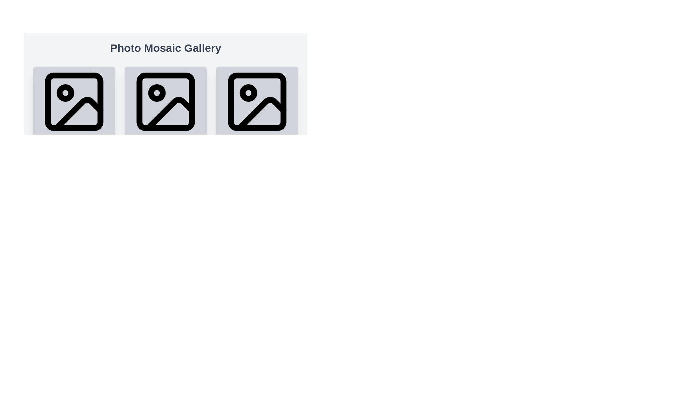 Image resolution: width=700 pixels, height=394 pixels. I want to click on the image placeholder located at the center of the photo gallery interface, positioned between the leftmost and rightmost components, so click(165, 79).